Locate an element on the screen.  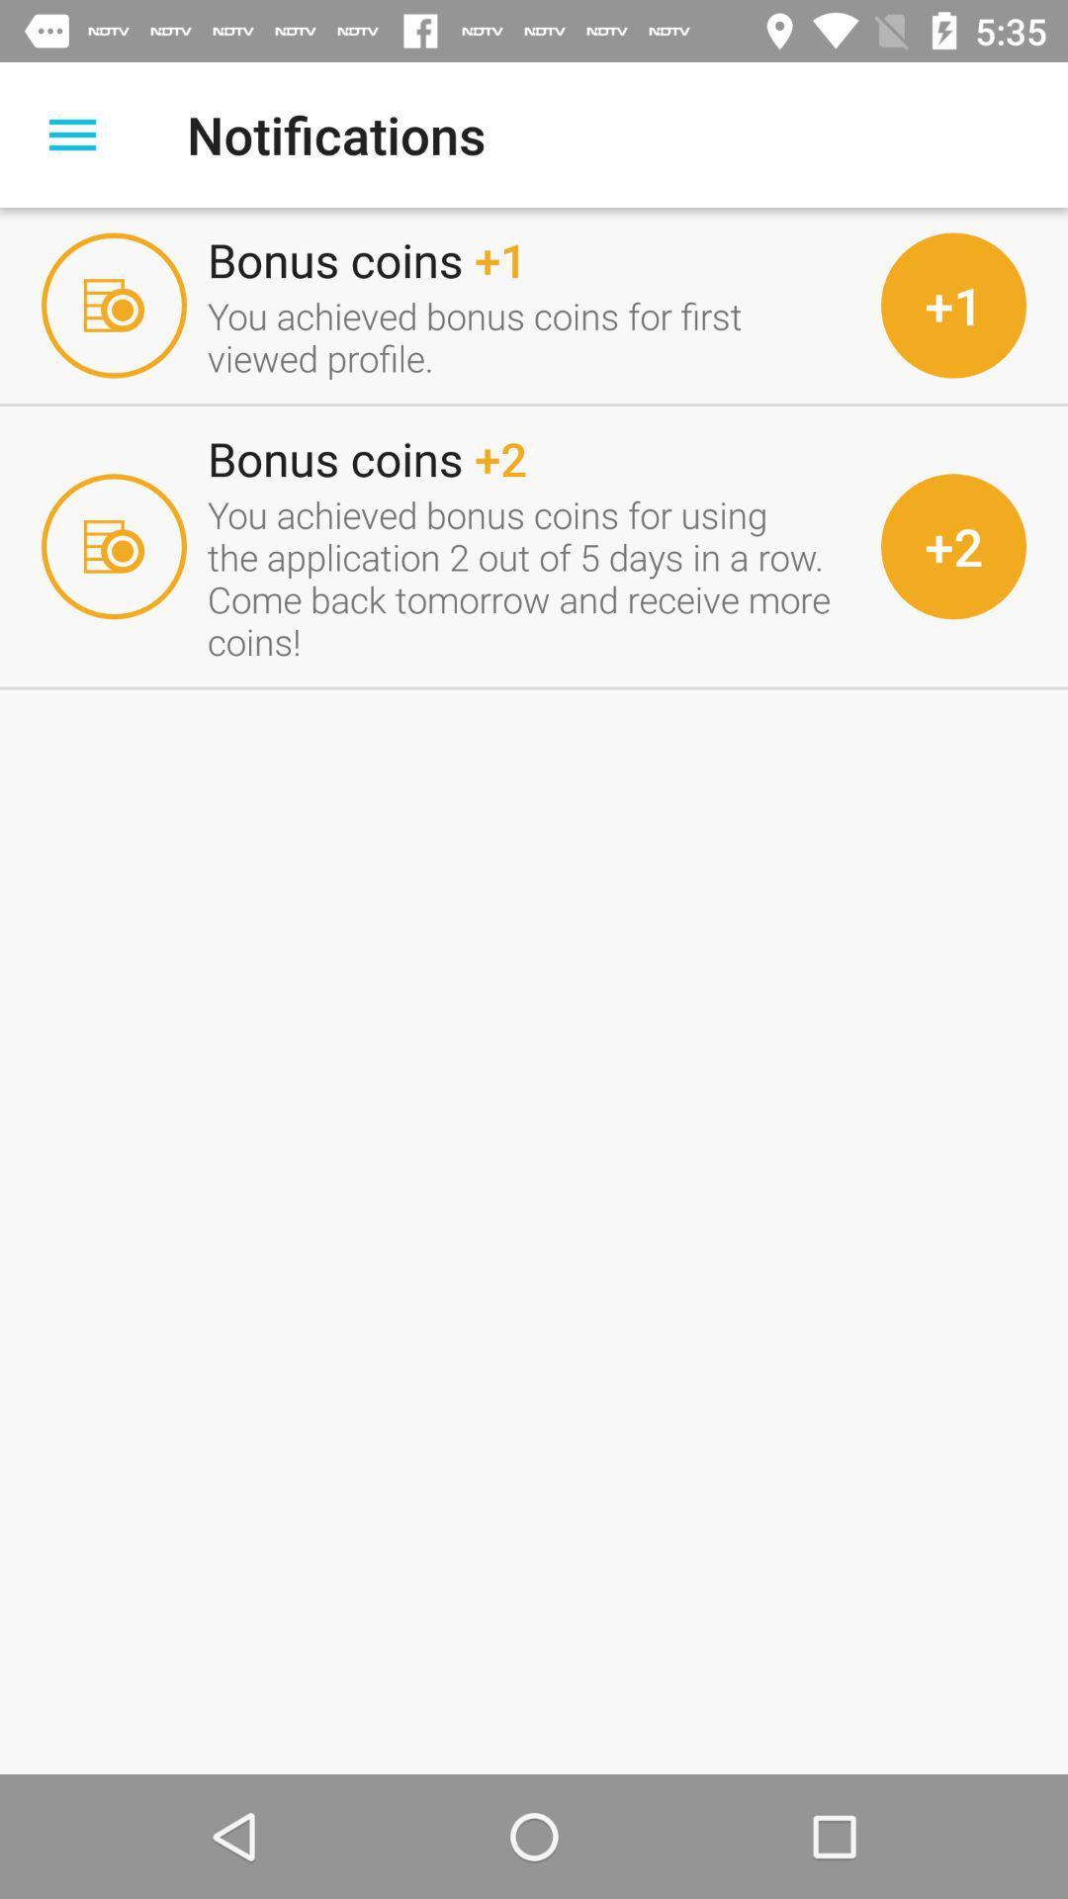
icon next to the notifications icon is located at coordinates (71, 134).